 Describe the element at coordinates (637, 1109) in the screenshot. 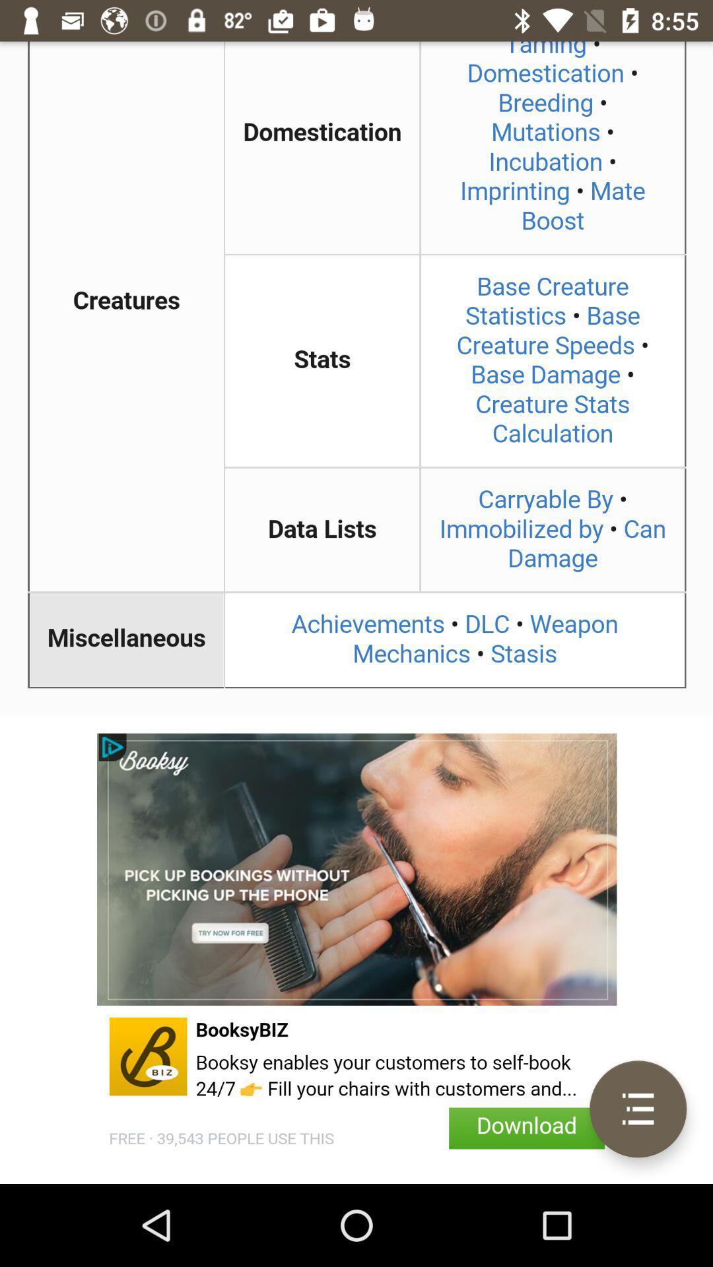

I see `options setting` at that location.